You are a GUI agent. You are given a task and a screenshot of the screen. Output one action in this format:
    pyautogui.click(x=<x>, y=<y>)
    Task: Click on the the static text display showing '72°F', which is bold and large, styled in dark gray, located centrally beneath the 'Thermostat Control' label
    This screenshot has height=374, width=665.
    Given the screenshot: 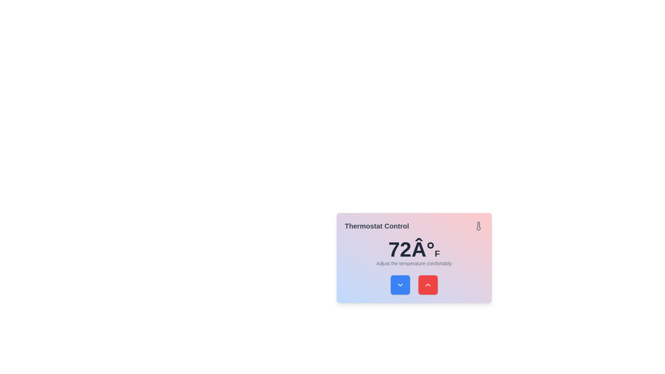 What is the action you would take?
    pyautogui.click(x=414, y=250)
    